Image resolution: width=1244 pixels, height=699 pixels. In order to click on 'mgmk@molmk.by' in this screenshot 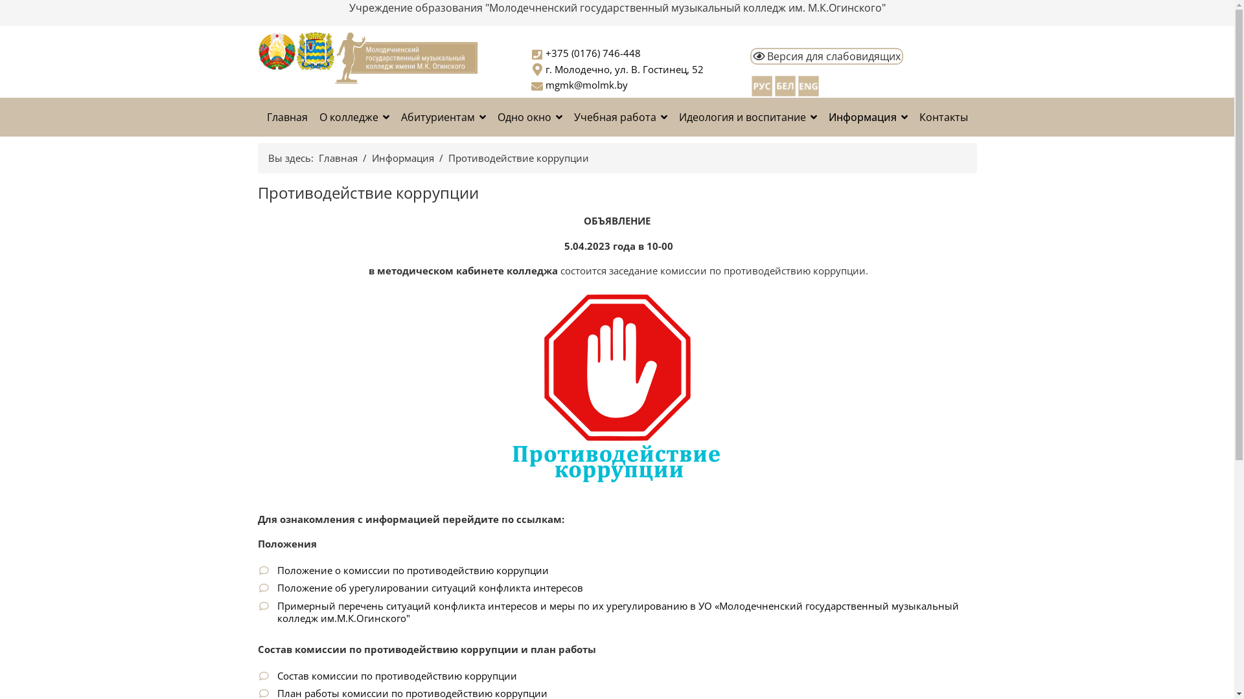, I will do `click(545, 85)`.